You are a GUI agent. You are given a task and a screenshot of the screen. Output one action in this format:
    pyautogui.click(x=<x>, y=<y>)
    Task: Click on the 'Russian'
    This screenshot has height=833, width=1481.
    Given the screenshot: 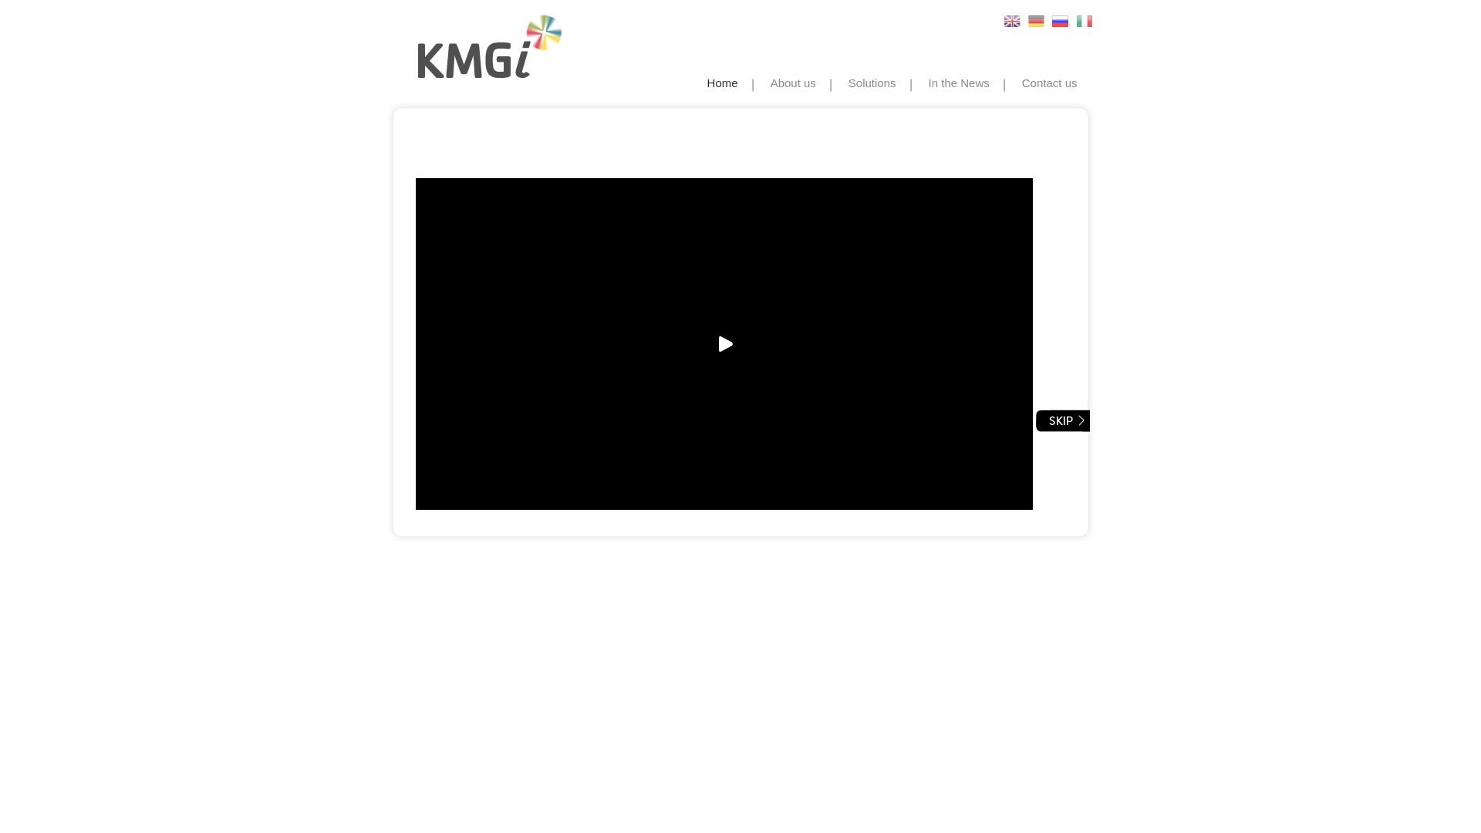 What is the action you would take?
    pyautogui.click(x=1061, y=23)
    